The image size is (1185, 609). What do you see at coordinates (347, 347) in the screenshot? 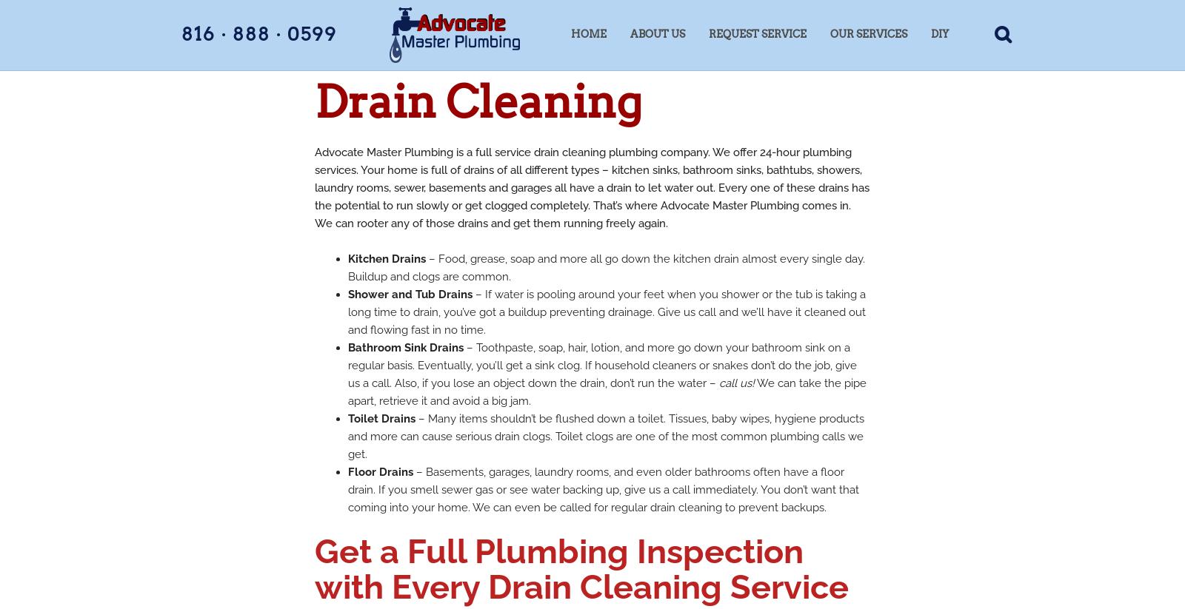
I see `'Bathroom Sink Drains'` at bounding box center [347, 347].